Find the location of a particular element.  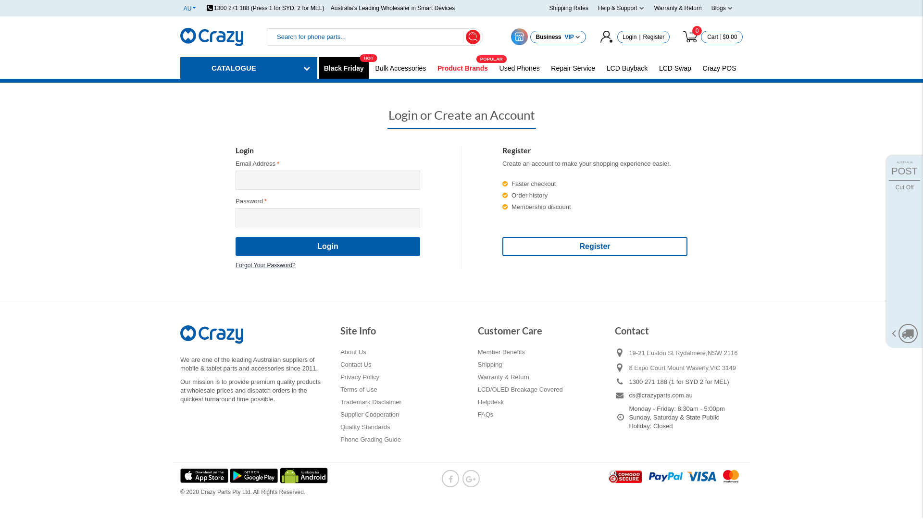

'Warranty & Return' is located at coordinates (677, 8).